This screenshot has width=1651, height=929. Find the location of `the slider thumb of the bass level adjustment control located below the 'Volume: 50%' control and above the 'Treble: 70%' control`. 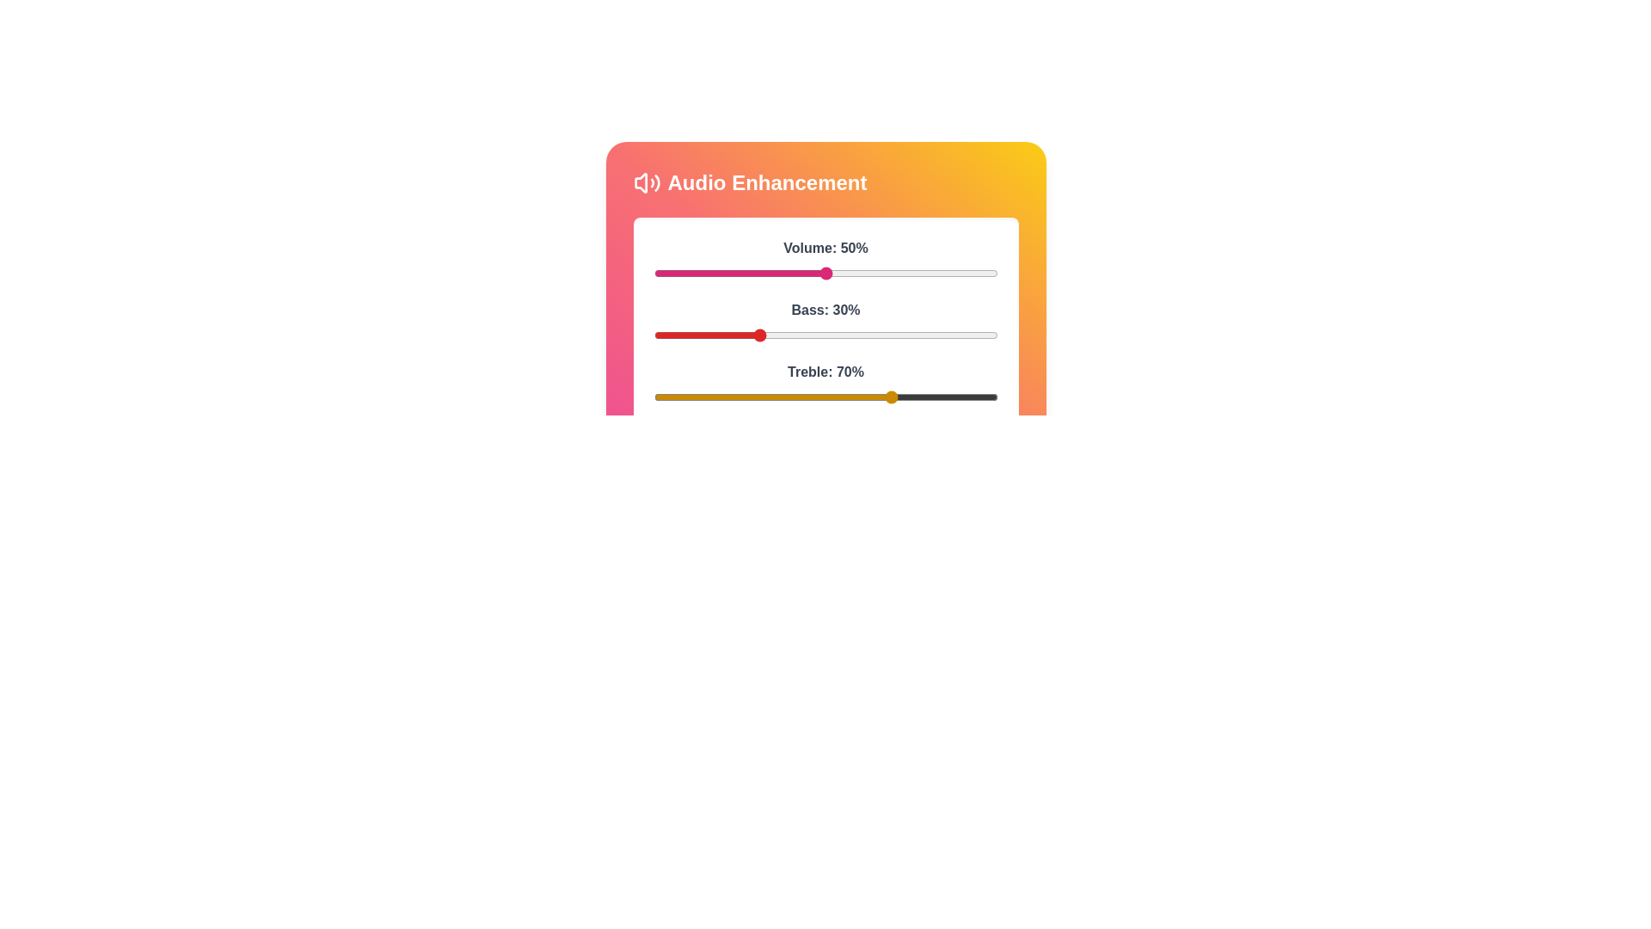

the slider thumb of the bass level adjustment control located below the 'Volume: 50%' control and above the 'Treble: 70%' control is located at coordinates (825, 324).